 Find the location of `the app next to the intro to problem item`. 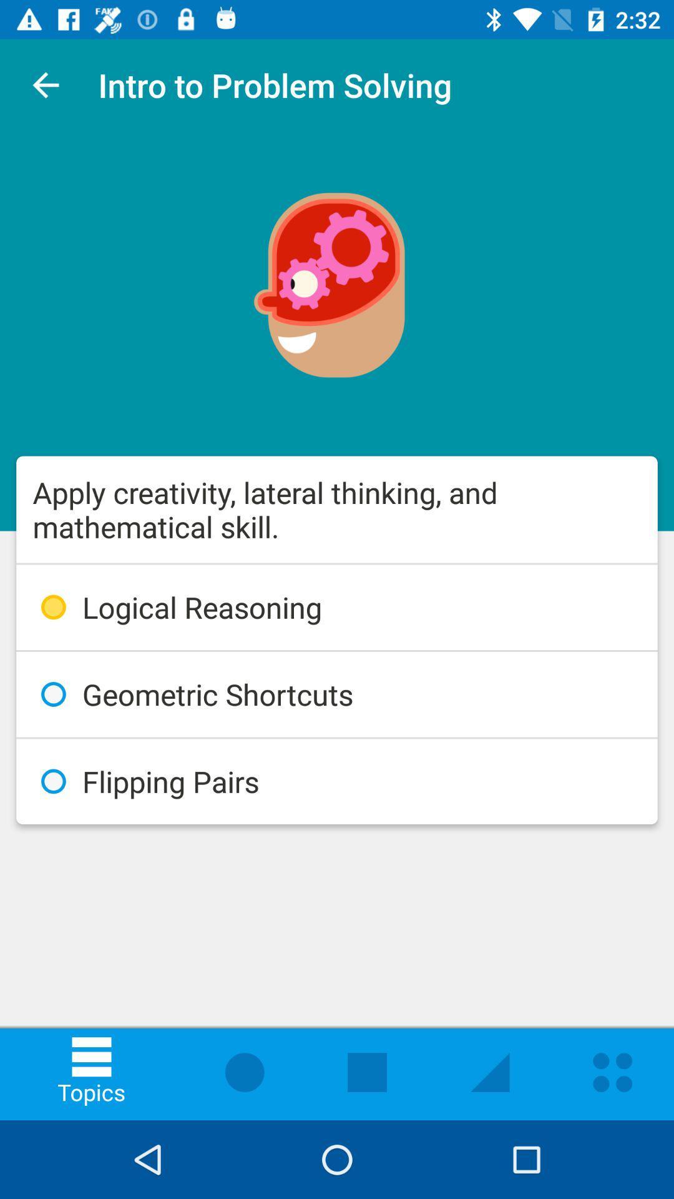

the app next to the intro to problem item is located at coordinates (45, 84).